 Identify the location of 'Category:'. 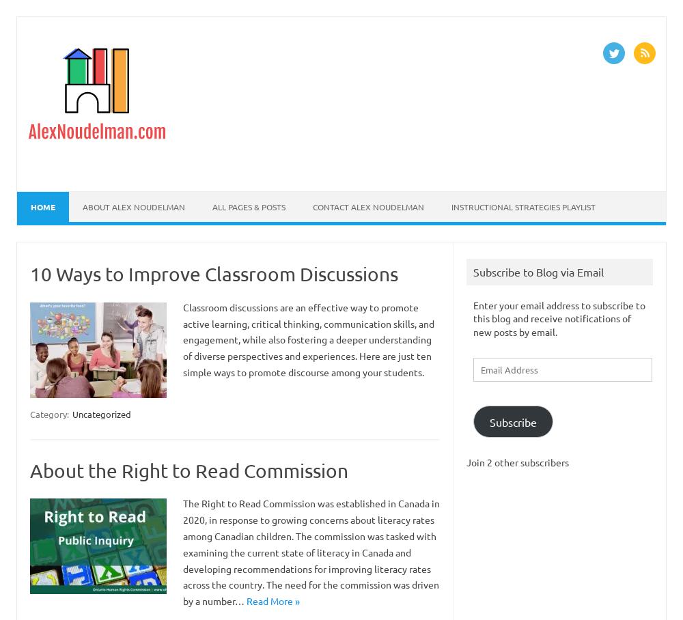
(30, 413).